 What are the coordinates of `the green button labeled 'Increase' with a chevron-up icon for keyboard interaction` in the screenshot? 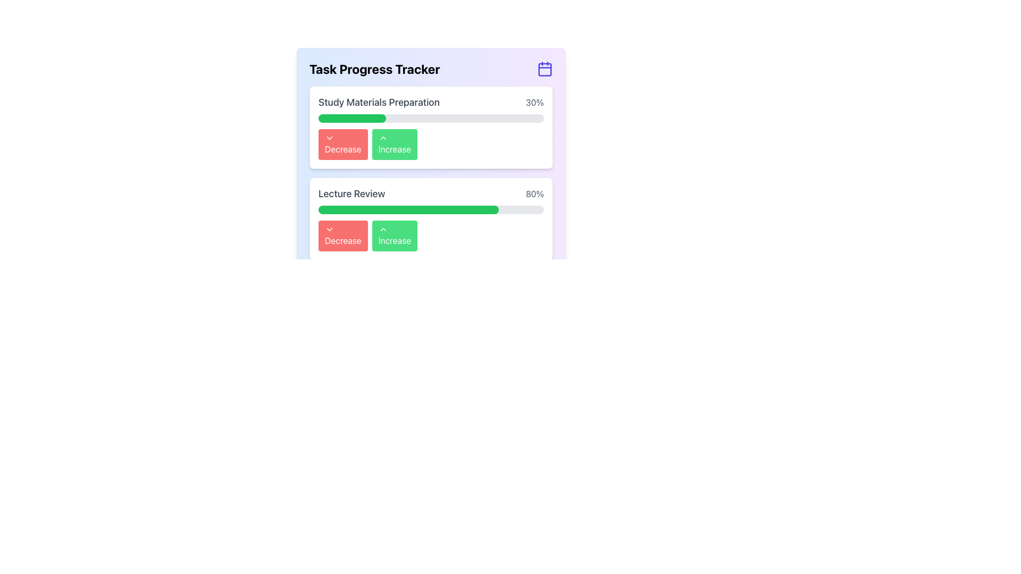 It's located at (394, 145).